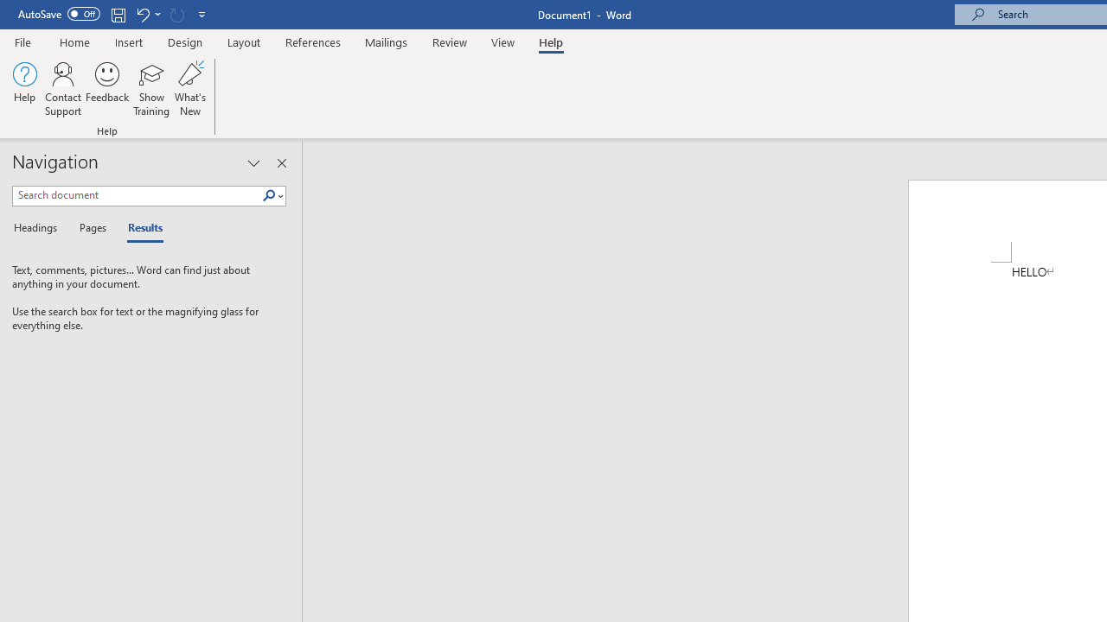 This screenshot has width=1107, height=622. Describe the element at coordinates (74, 41) in the screenshot. I see `'Home'` at that location.